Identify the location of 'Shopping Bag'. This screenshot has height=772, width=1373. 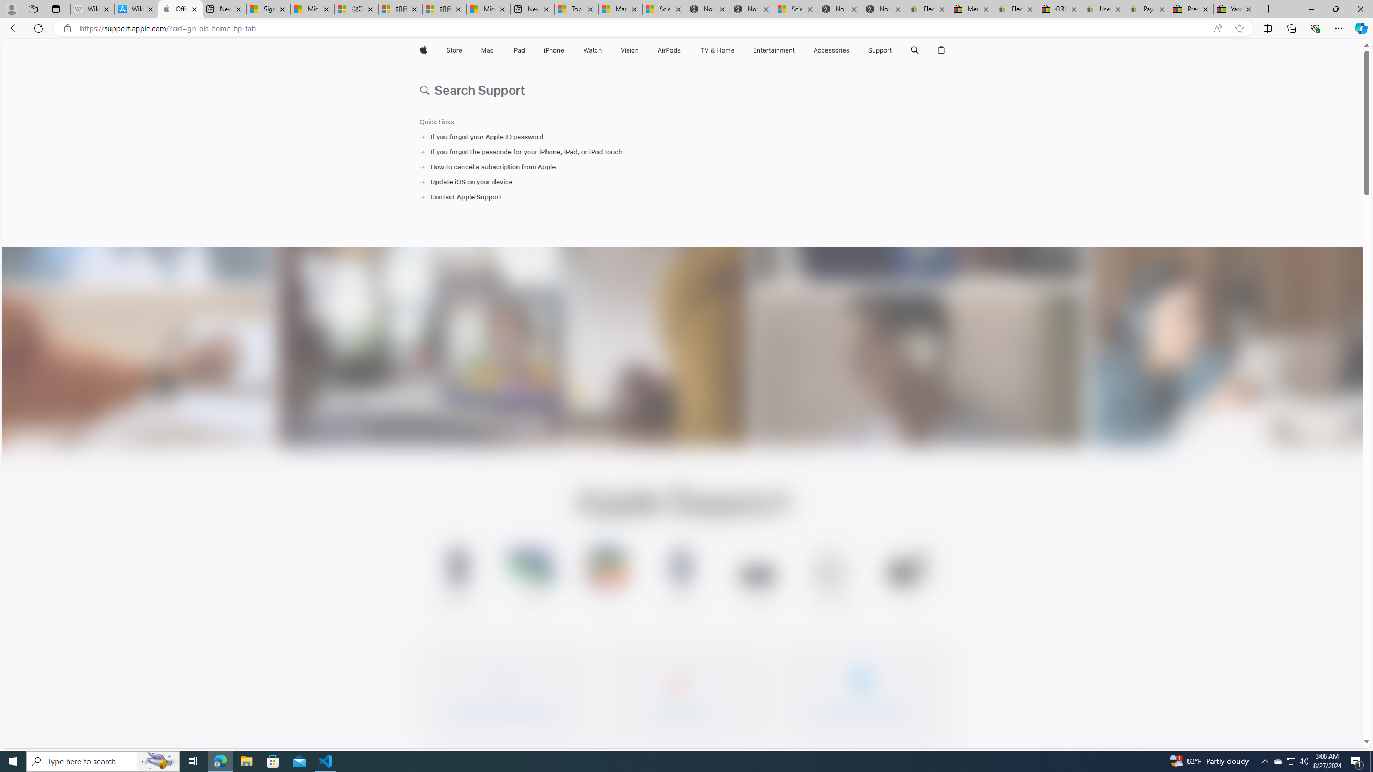
(942, 50).